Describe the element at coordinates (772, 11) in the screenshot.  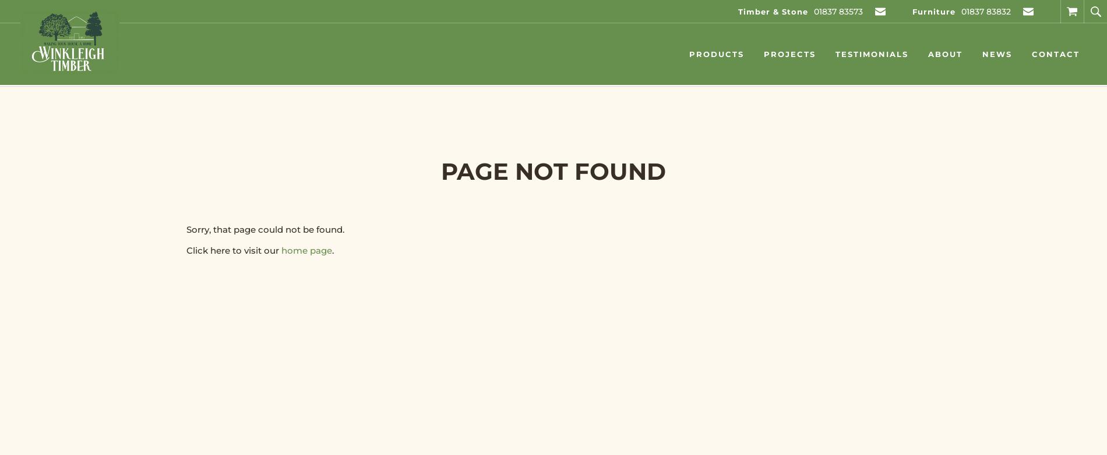
I see `'Timber & Stone'` at that location.